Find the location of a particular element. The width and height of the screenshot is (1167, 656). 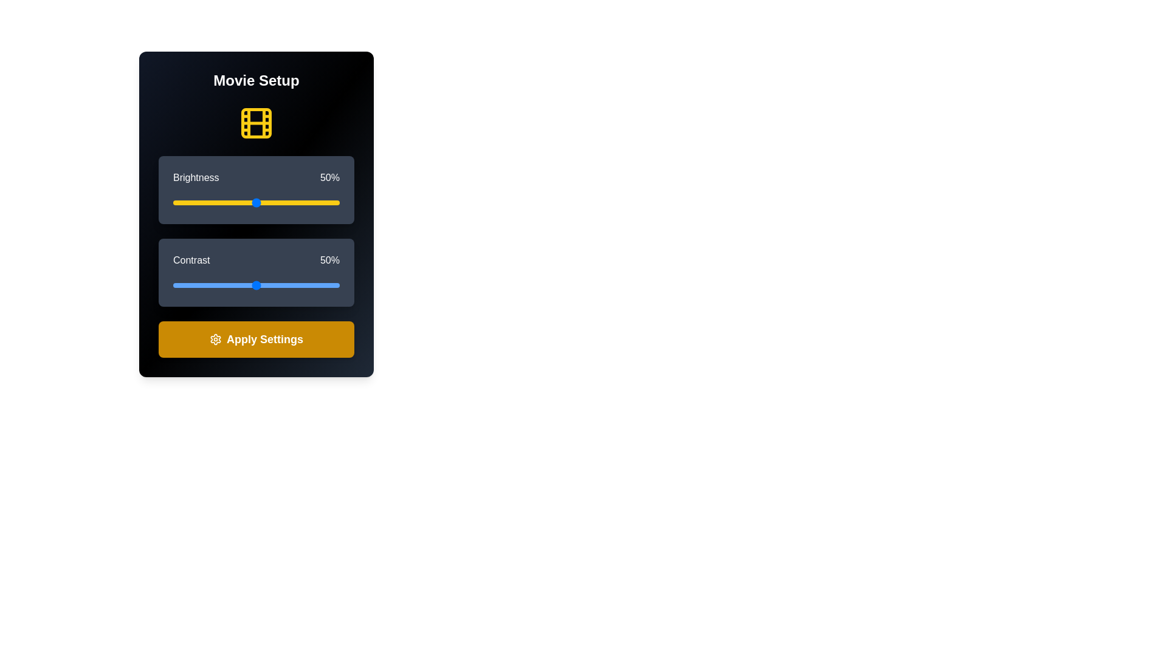

'Apply Settings' button to save the settings is located at coordinates (256, 340).